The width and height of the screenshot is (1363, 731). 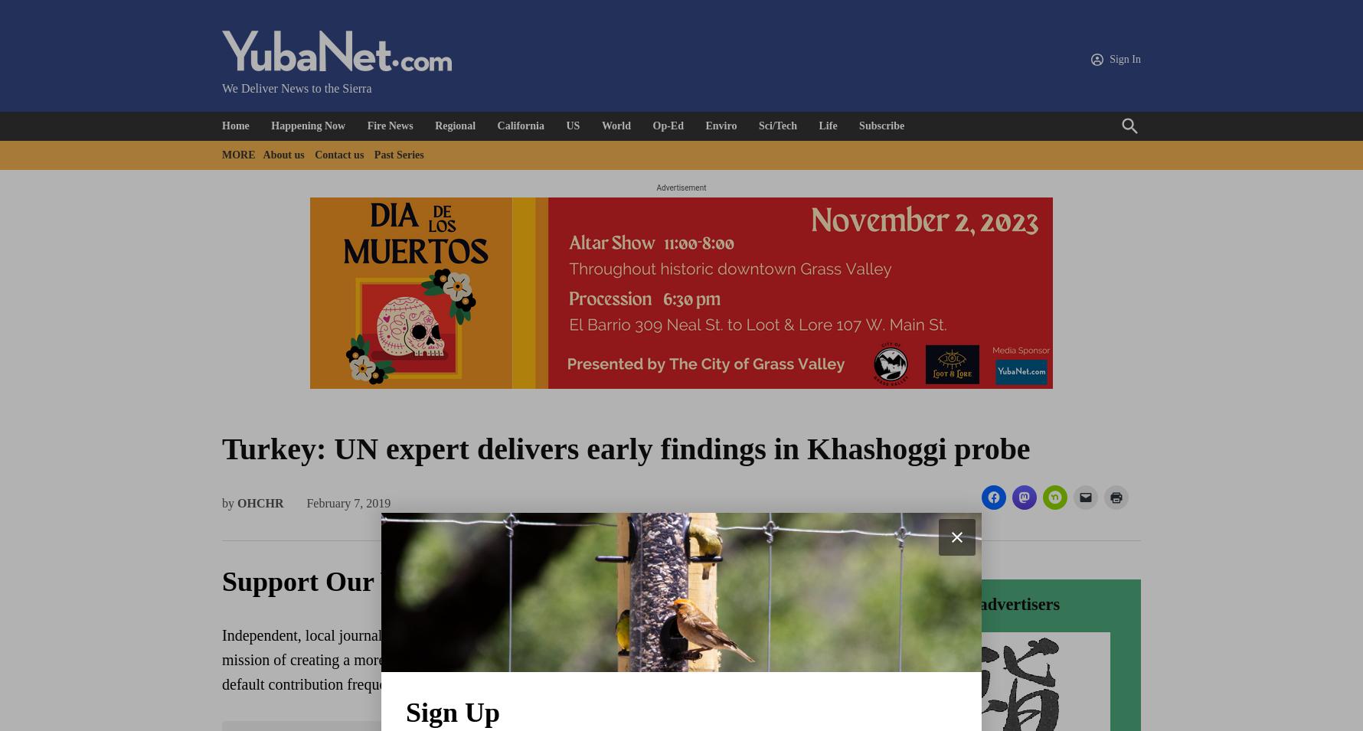 What do you see at coordinates (572, 126) in the screenshot?
I see `'US'` at bounding box center [572, 126].